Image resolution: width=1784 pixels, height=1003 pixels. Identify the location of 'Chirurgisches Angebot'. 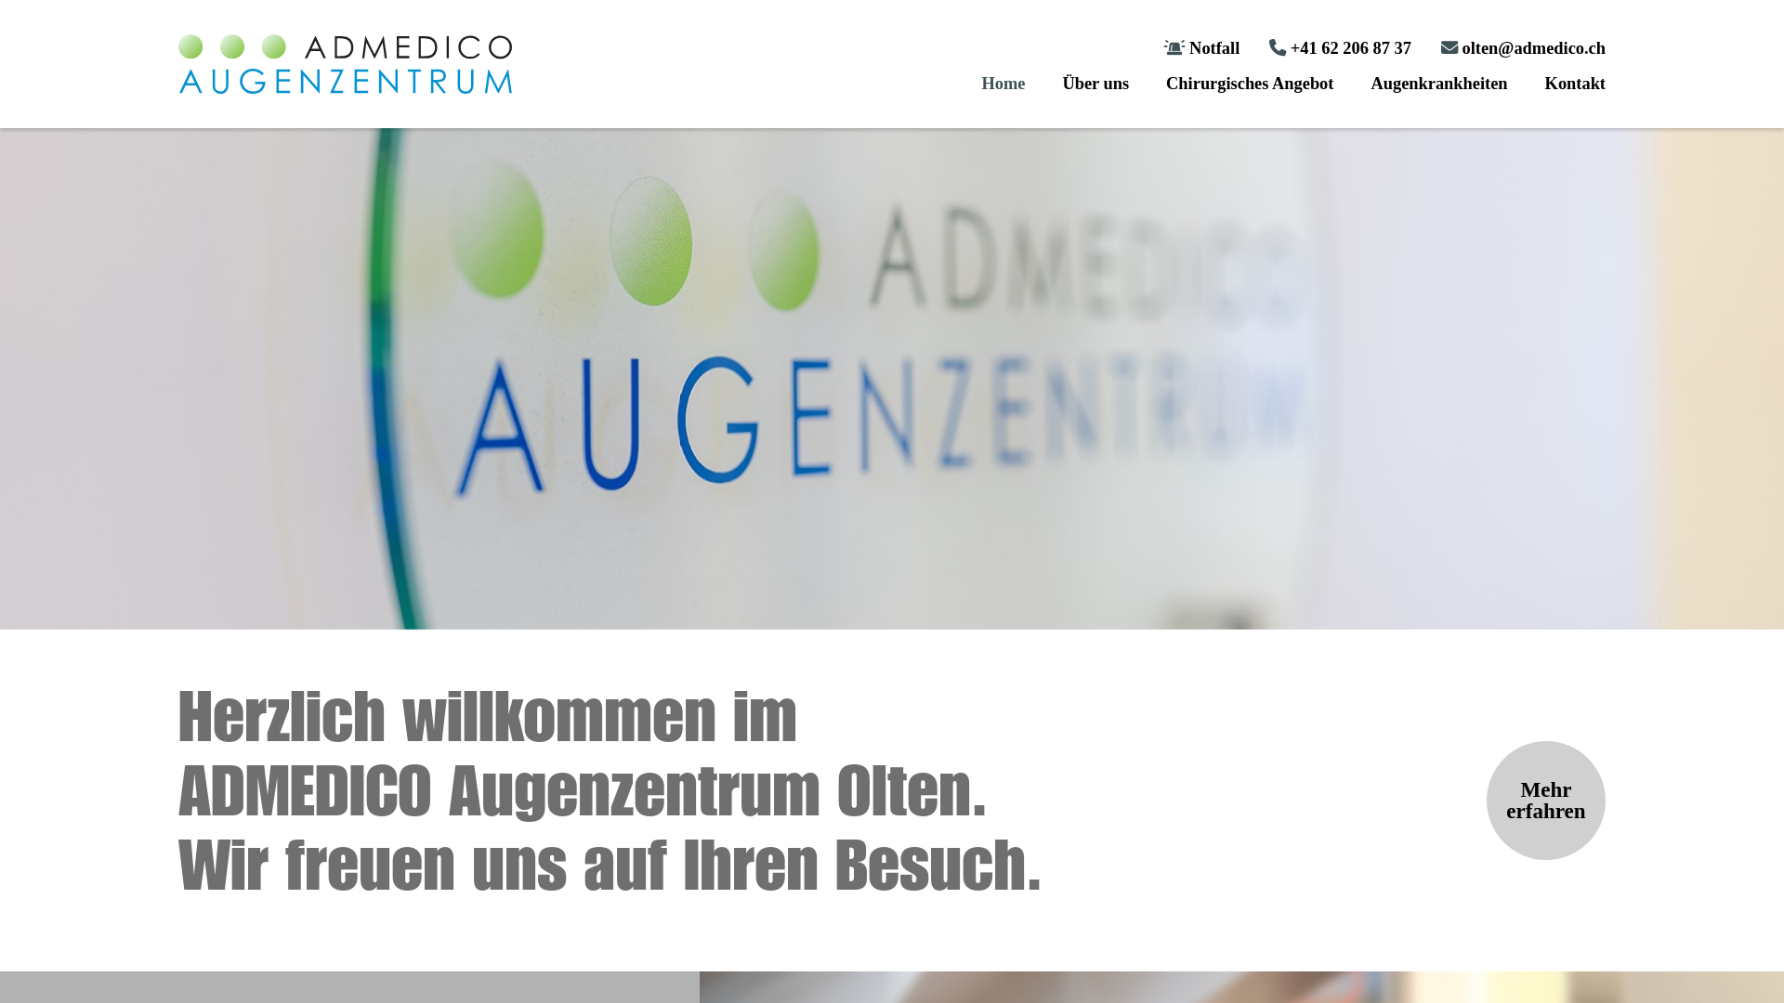
(1249, 82).